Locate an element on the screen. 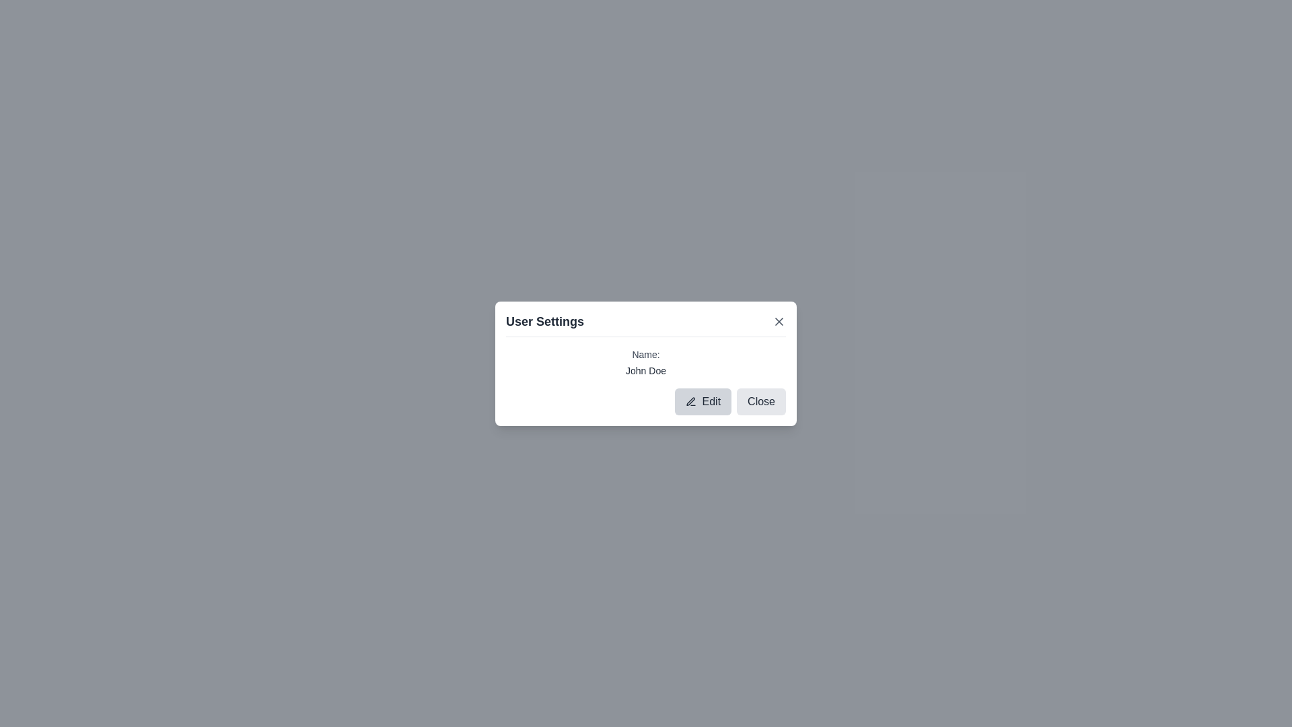 The width and height of the screenshot is (1292, 727). the Text display box that contains the texts 'Name:' and 'John Doe' within the 'User Settings' dialog is located at coordinates (646, 361).